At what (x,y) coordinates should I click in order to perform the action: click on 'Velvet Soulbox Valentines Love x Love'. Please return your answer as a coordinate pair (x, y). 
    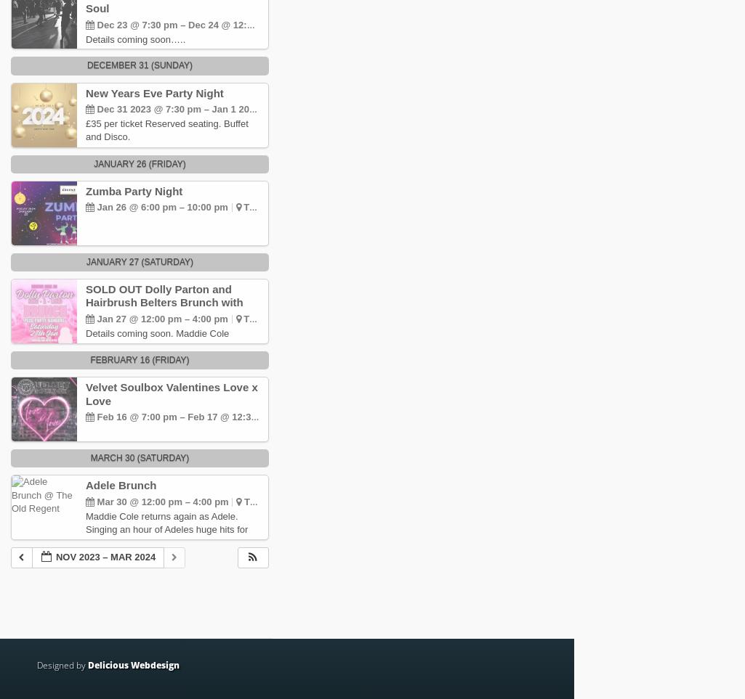
    Looking at the image, I should click on (170, 393).